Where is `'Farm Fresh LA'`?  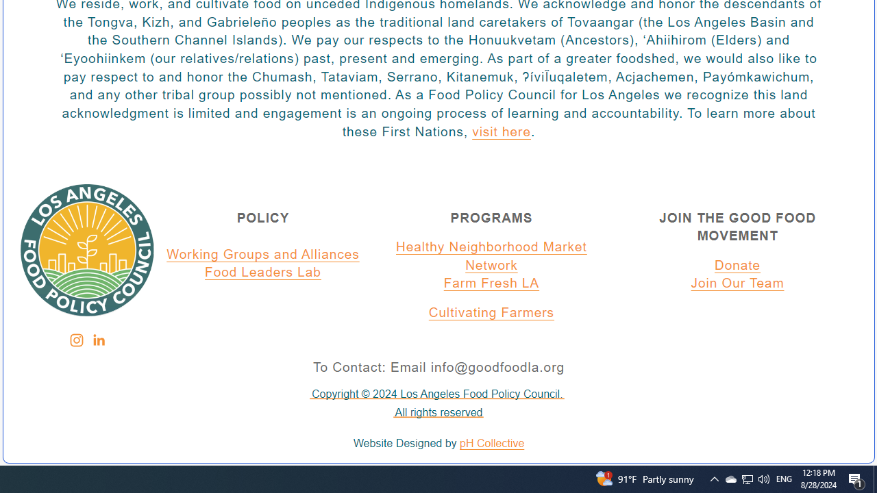 'Farm Fresh LA' is located at coordinates (491, 283).